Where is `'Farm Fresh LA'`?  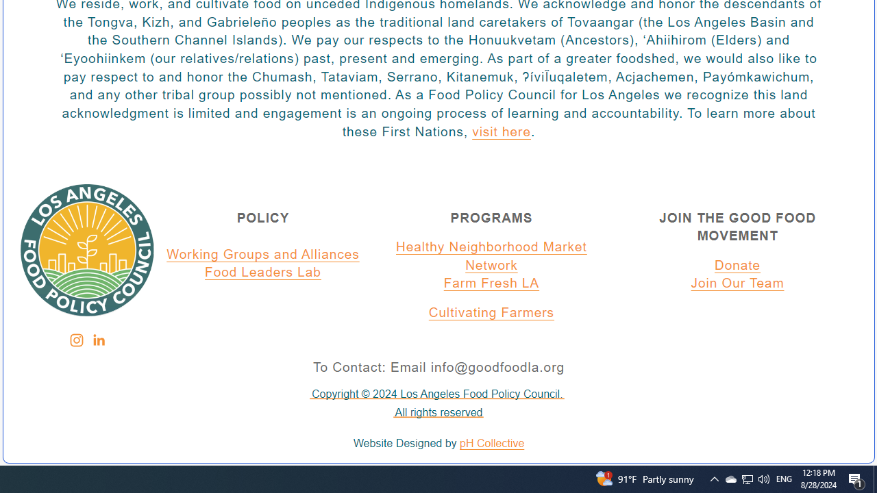 'Farm Fresh LA' is located at coordinates (491, 283).